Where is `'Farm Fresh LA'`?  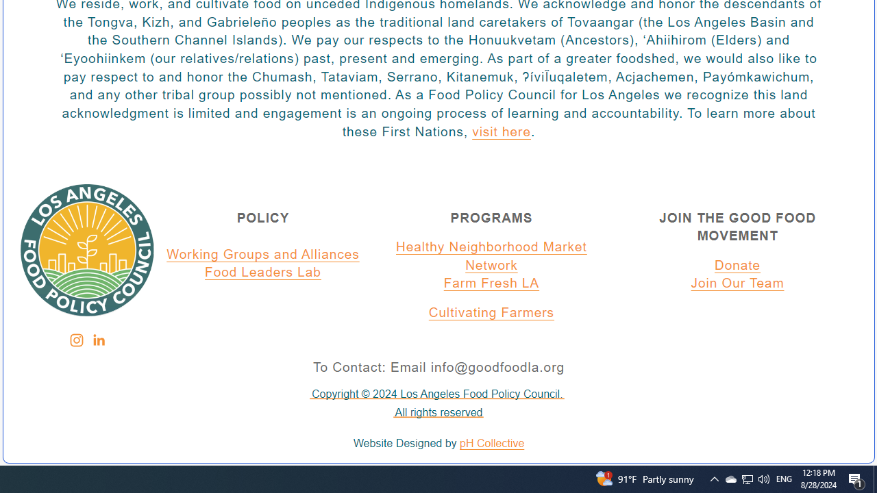 'Farm Fresh LA' is located at coordinates (491, 283).